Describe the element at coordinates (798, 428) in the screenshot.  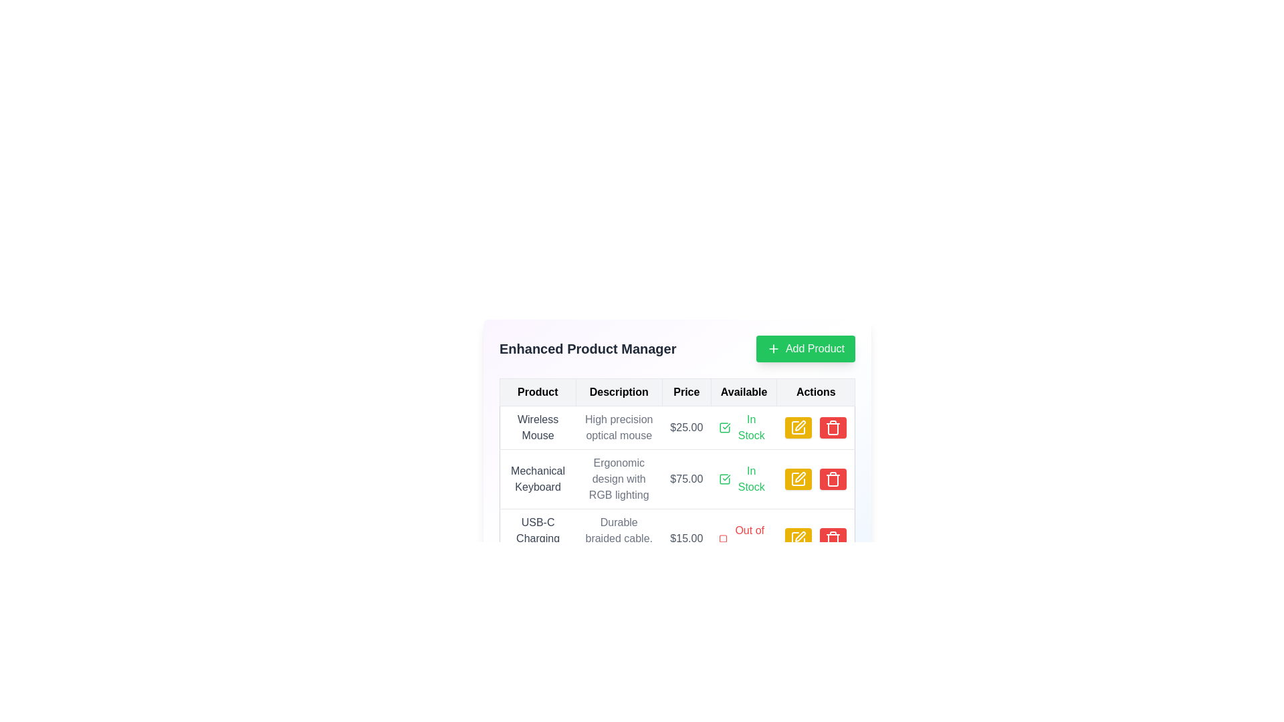
I see `the edit button located in the third row of the 'Actions' column of the table` at that location.